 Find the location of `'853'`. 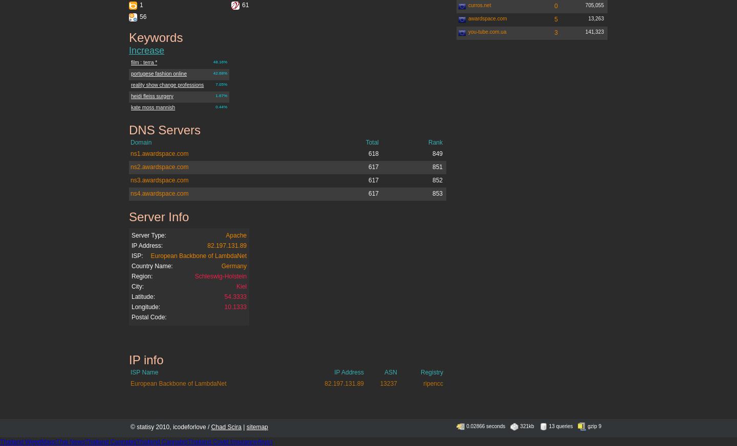

'853' is located at coordinates (437, 193).